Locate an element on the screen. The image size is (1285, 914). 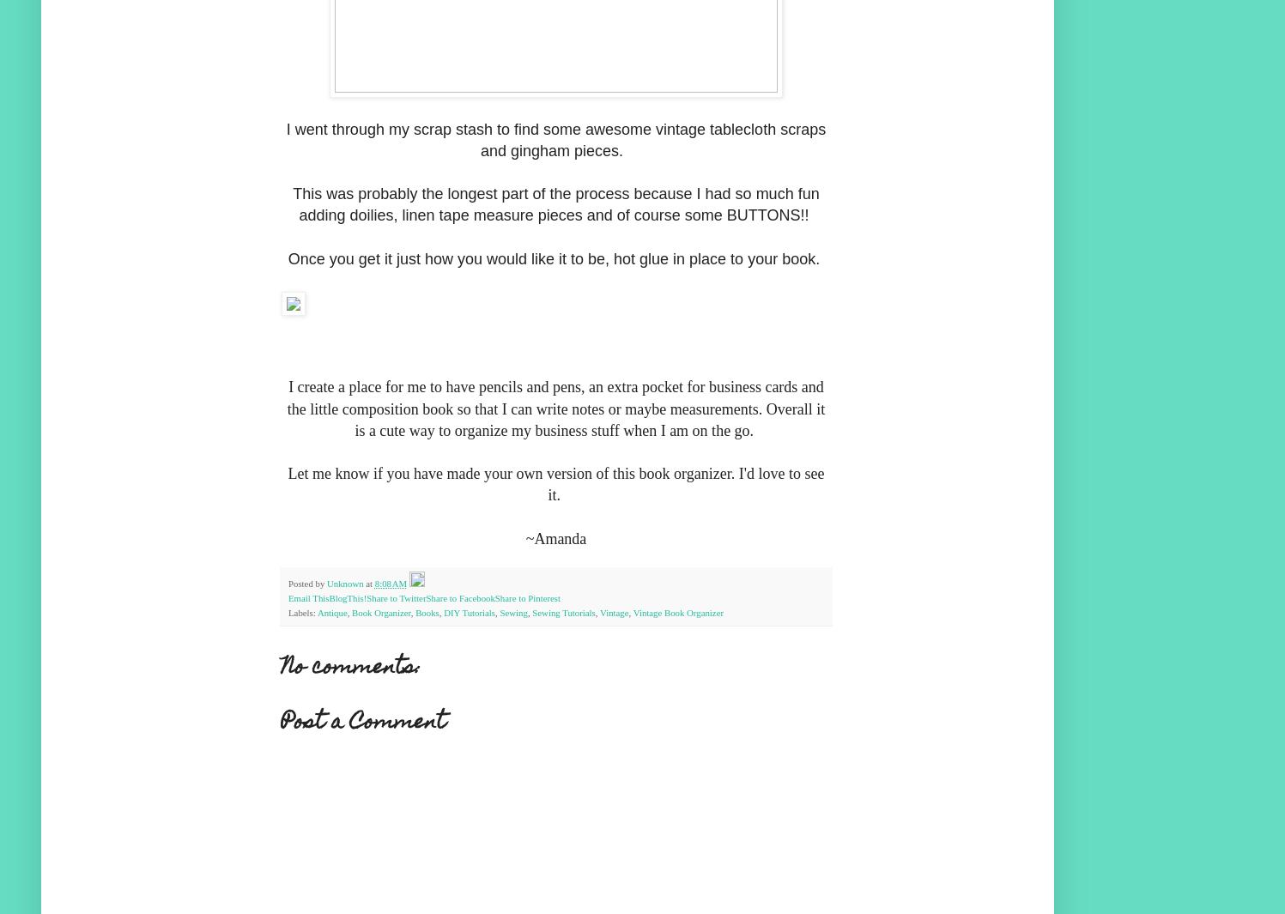
'Posted by' is located at coordinates (306, 583).